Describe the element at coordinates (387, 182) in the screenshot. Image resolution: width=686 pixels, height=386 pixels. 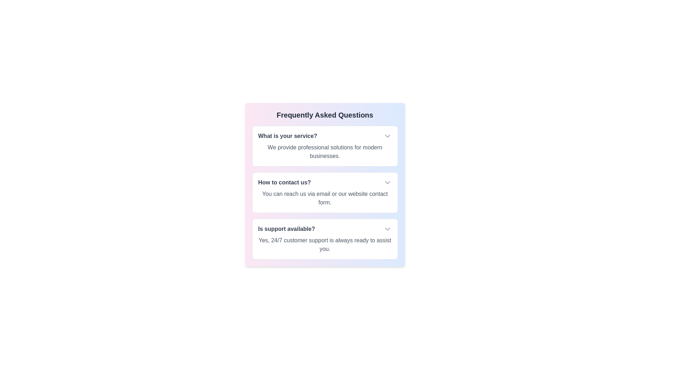
I see `the dropdown icon to toggle the visibility of the answer for How to contact us?` at that location.